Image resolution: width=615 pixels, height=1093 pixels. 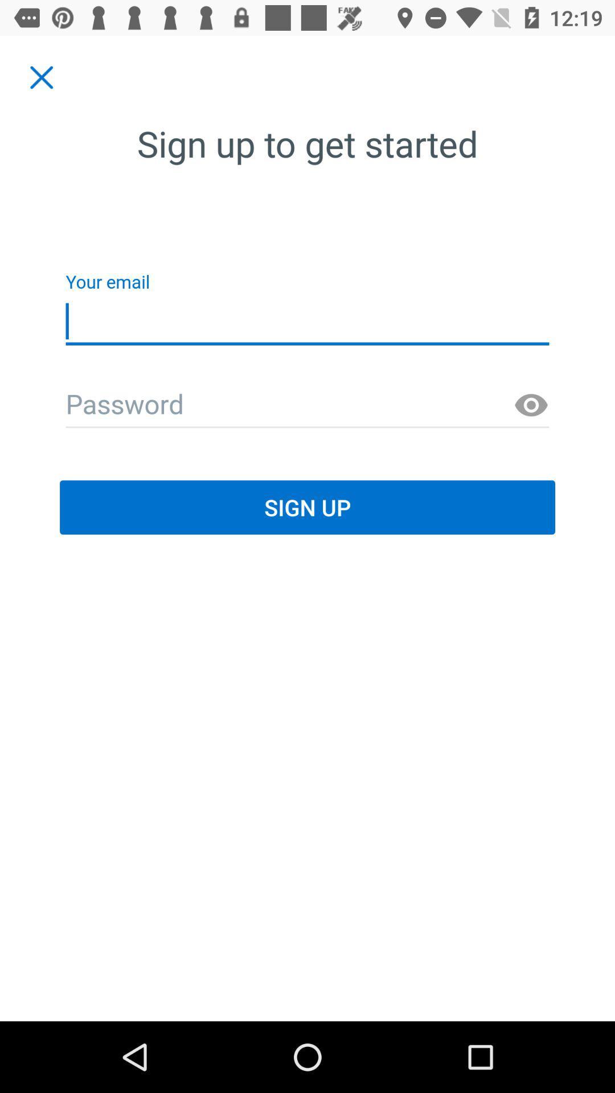 I want to click on password field, so click(x=307, y=405).